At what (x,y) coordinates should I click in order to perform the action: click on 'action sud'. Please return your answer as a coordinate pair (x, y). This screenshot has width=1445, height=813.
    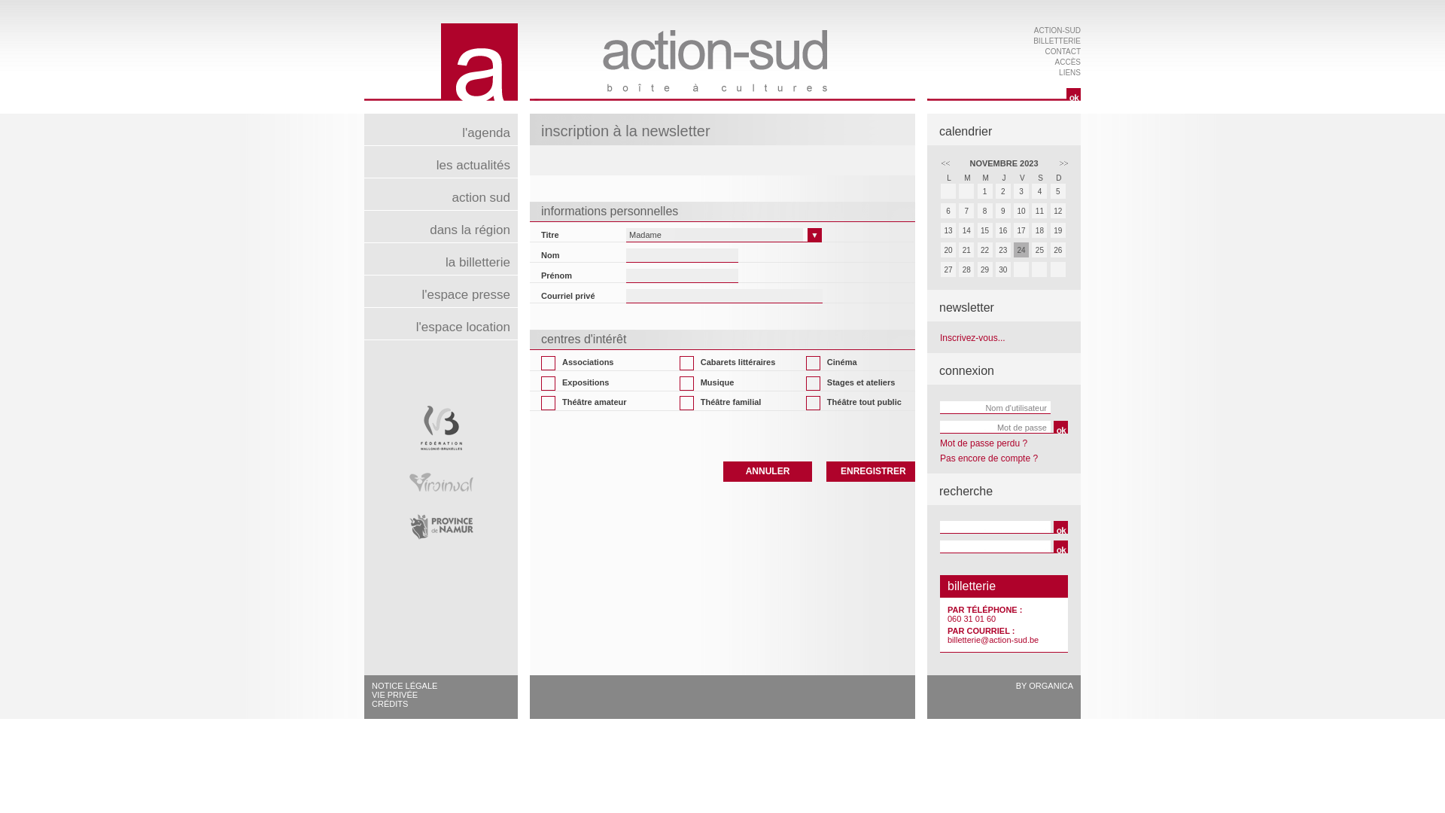
    Looking at the image, I should click on (440, 193).